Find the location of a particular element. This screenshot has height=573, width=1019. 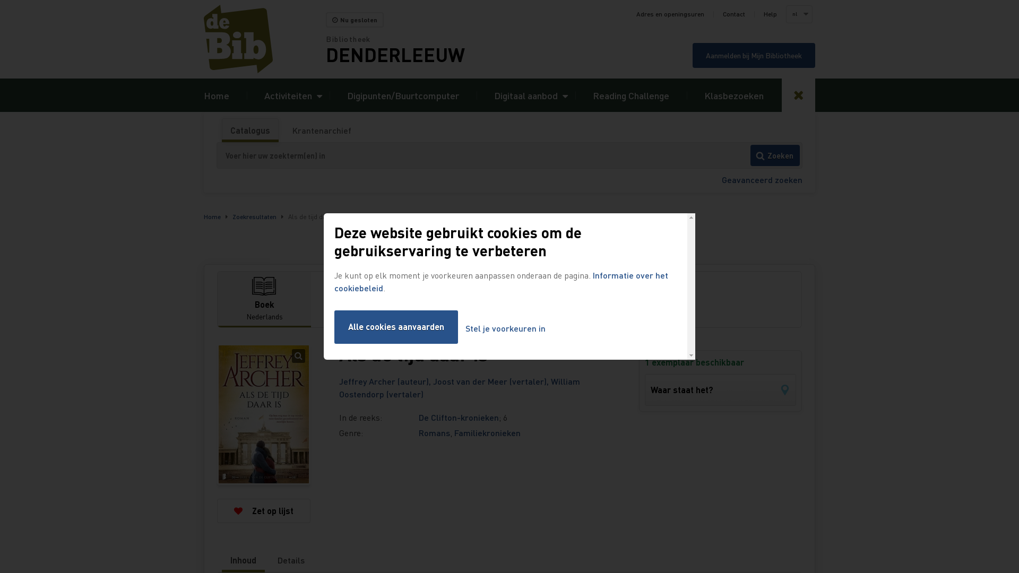

'Toggle search' is located at coordinates (798, 94).